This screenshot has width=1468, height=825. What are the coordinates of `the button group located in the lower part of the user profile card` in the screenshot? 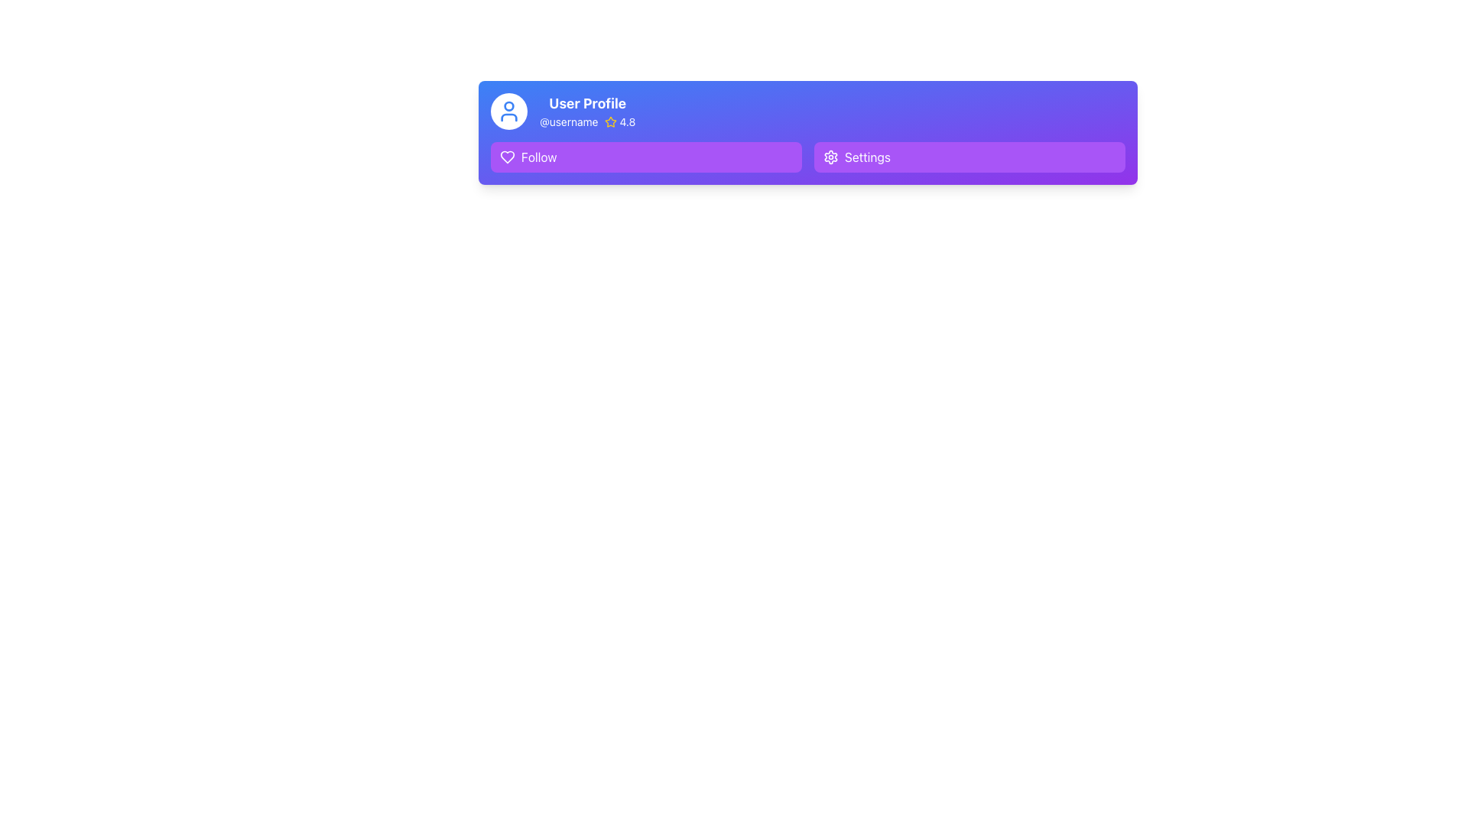 It's located at (807, 157).